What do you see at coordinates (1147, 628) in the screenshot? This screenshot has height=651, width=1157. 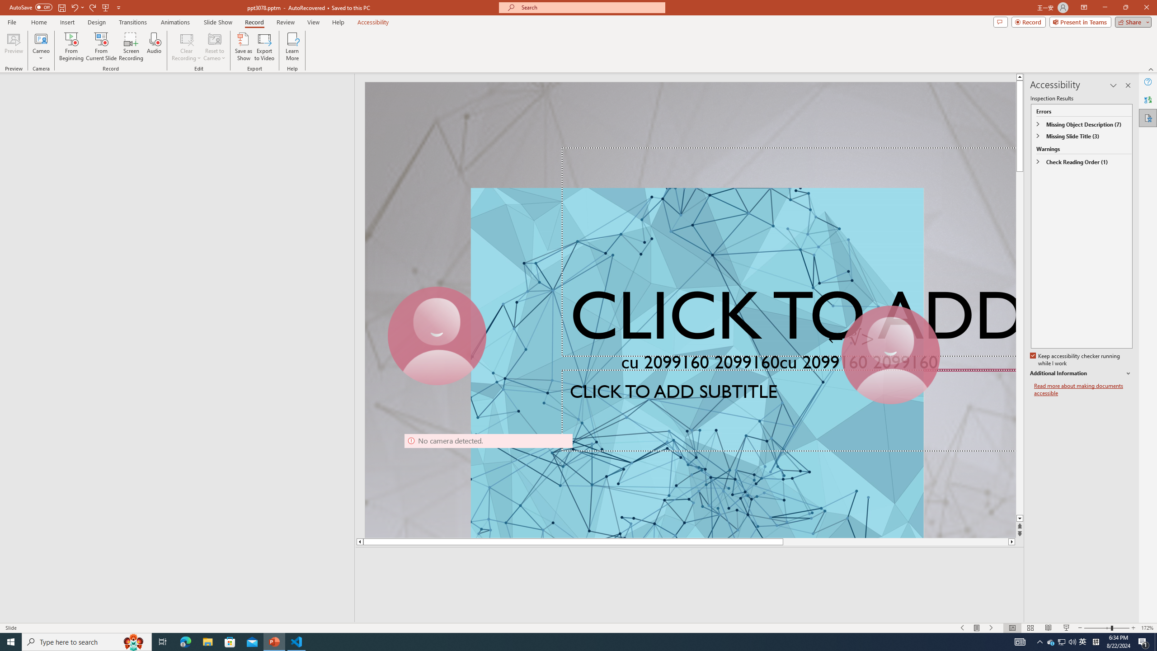 I see `'Zoom 172%'` at bounding box center [1147, 628].